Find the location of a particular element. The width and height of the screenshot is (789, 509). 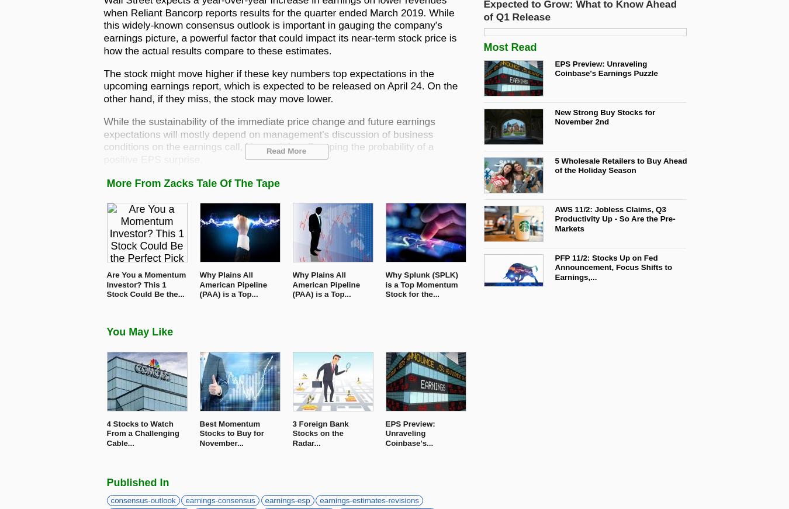

'consensus-outlook' is located at coordinates (110, 500).